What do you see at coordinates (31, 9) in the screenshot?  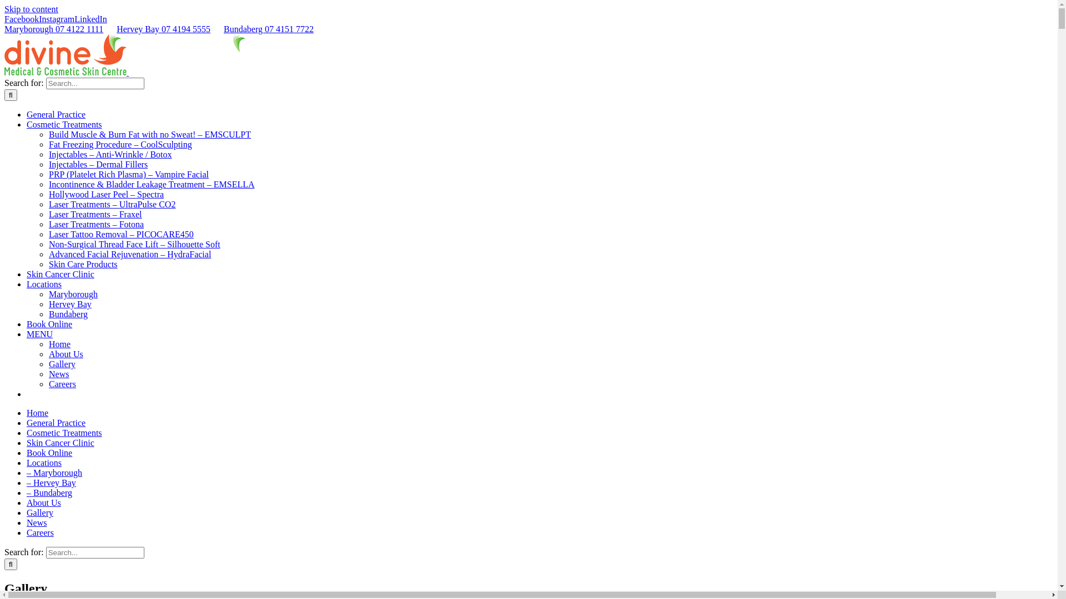 I see `'Skip to content'` at bounding box center [31, 9].